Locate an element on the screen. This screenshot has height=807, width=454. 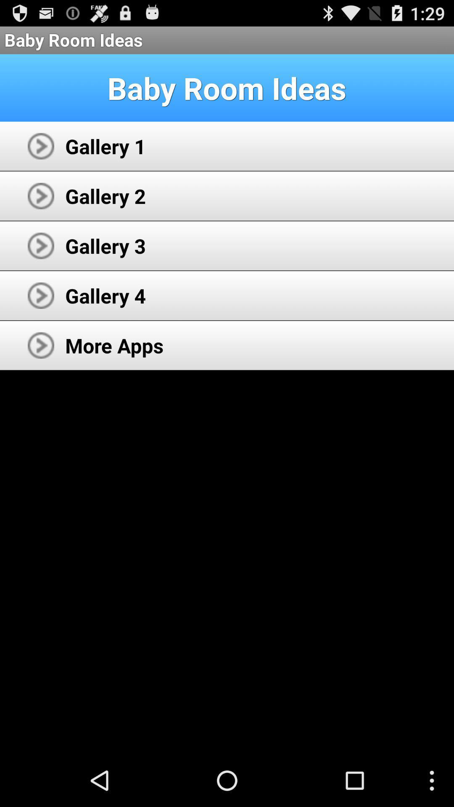
the gallery 2 is located at coordinates (105, 195).